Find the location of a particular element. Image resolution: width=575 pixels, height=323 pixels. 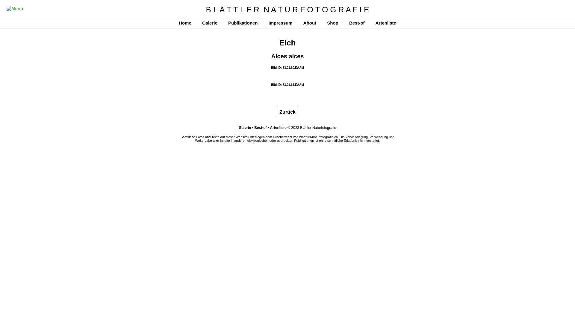

'Impressum' is located at coordinates (280, 22).